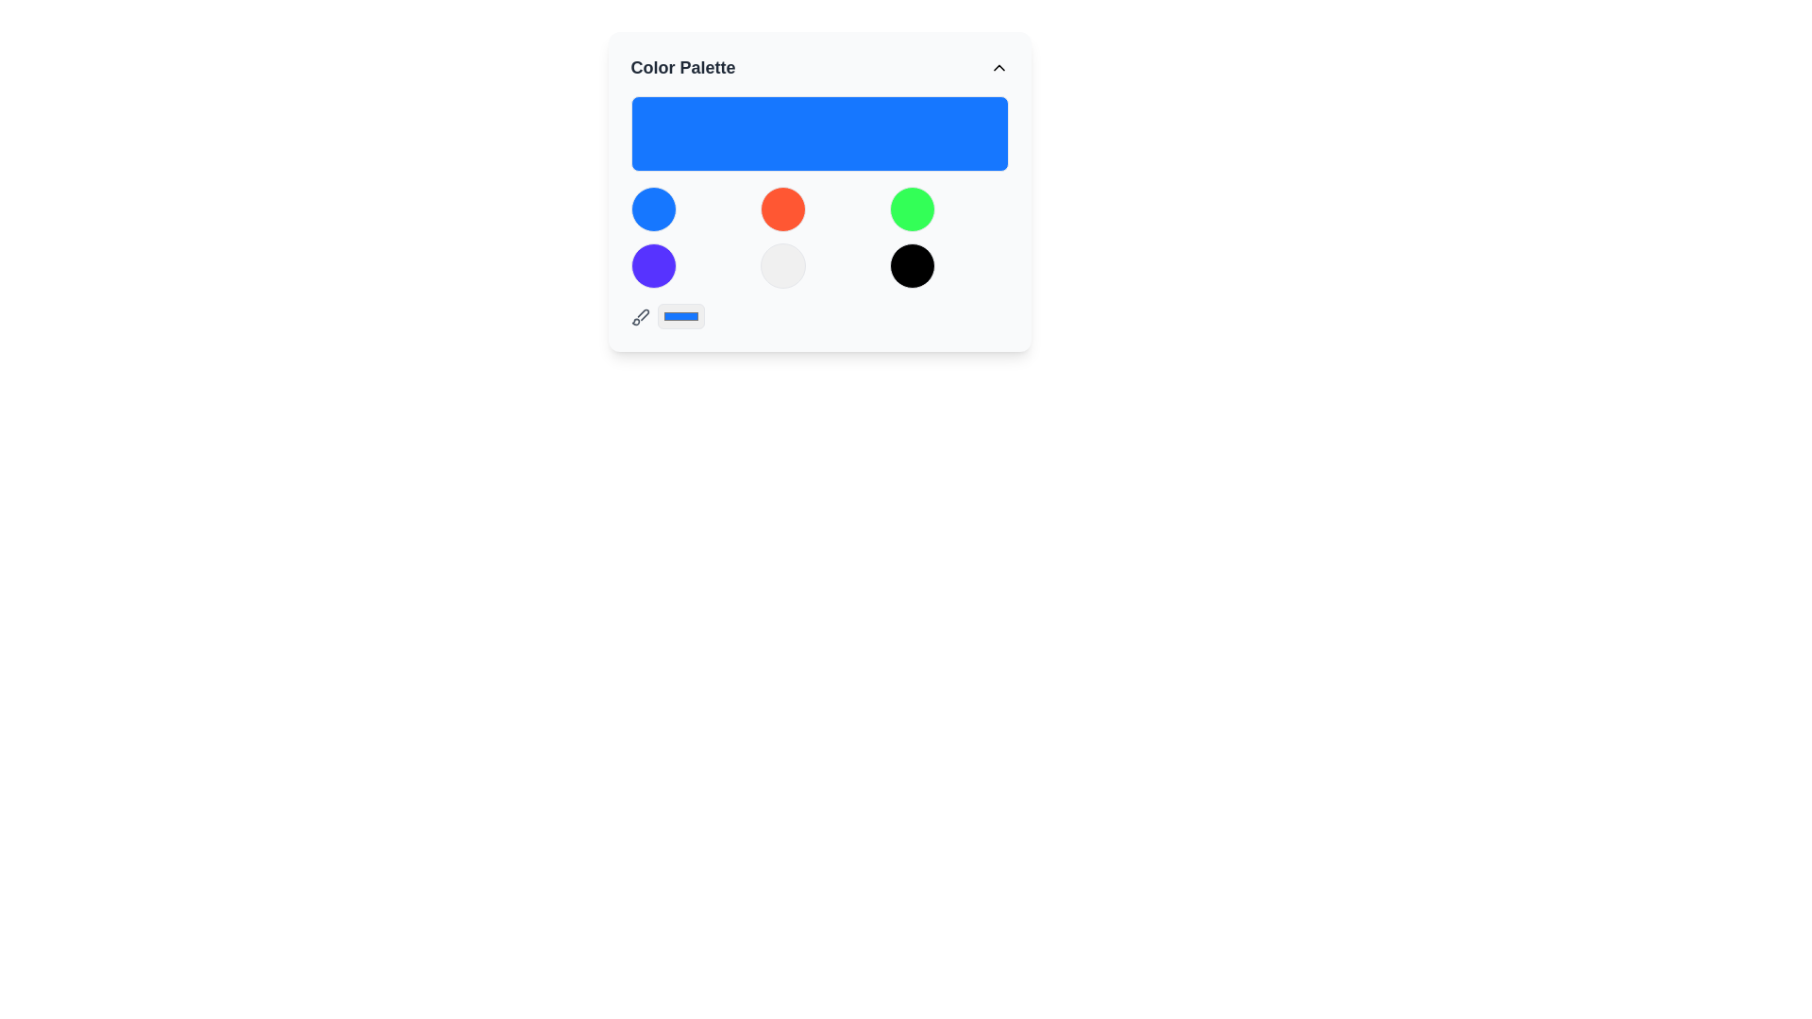  Describe the element at coordinates (735, 133) in the screenshot. I see `the value of the slider` at that location.